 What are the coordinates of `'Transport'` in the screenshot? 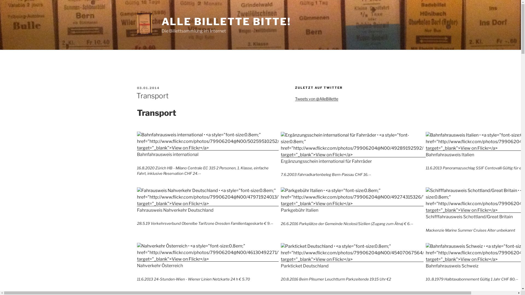 It's located at (152, 95).